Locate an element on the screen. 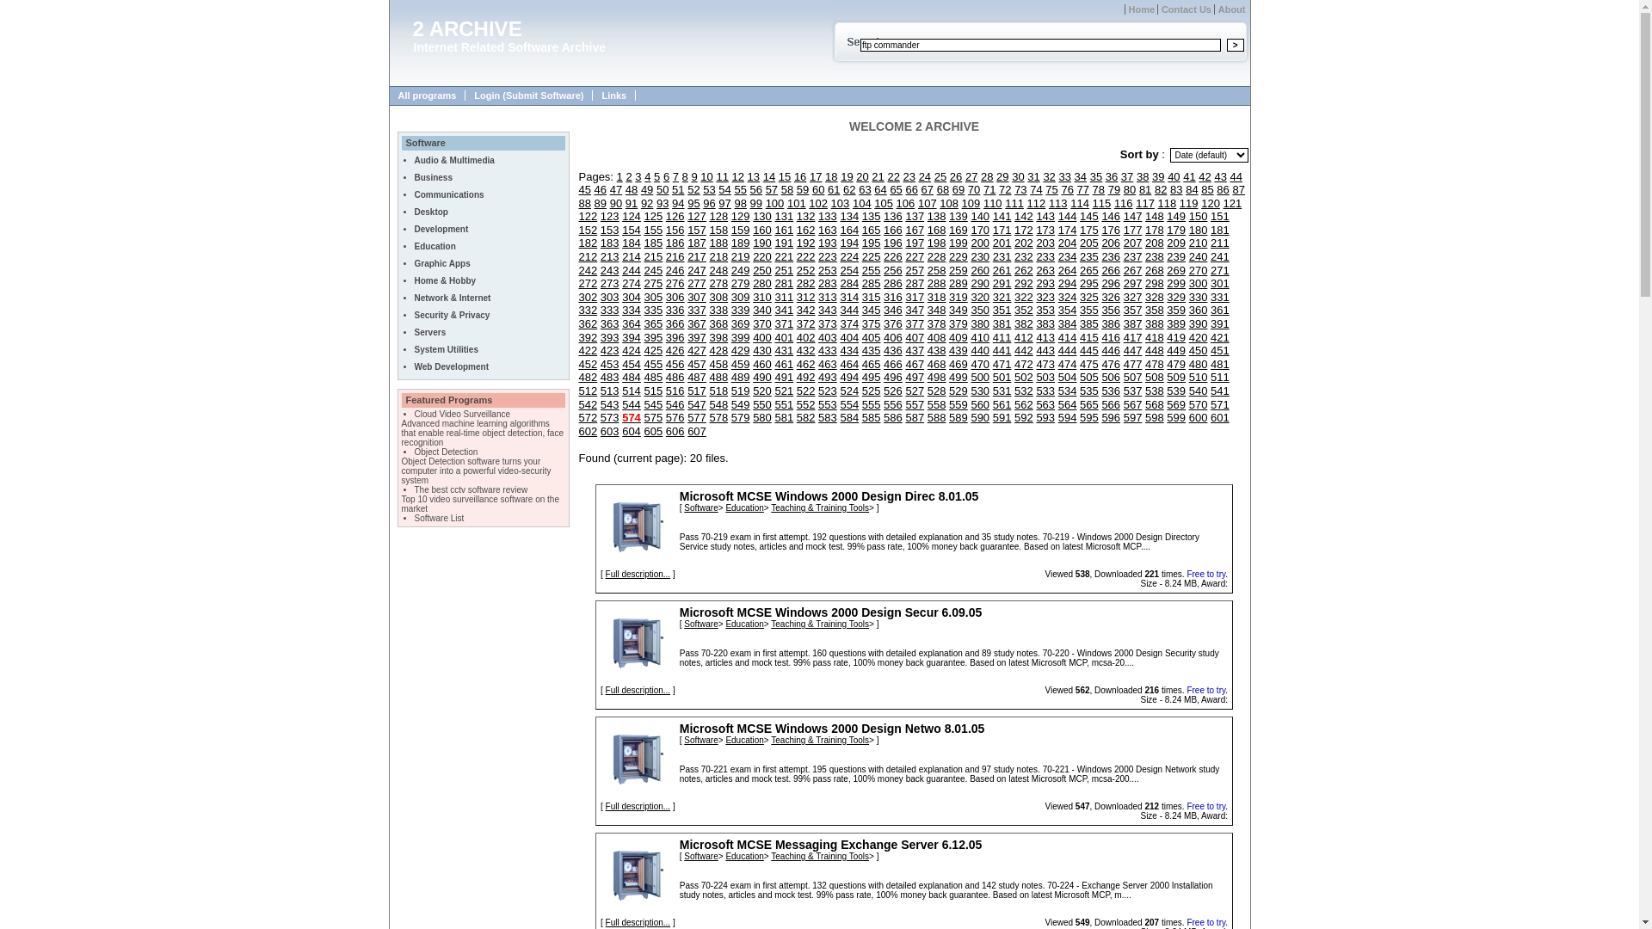  'Object Detection' is located at coordinates (446, 451).